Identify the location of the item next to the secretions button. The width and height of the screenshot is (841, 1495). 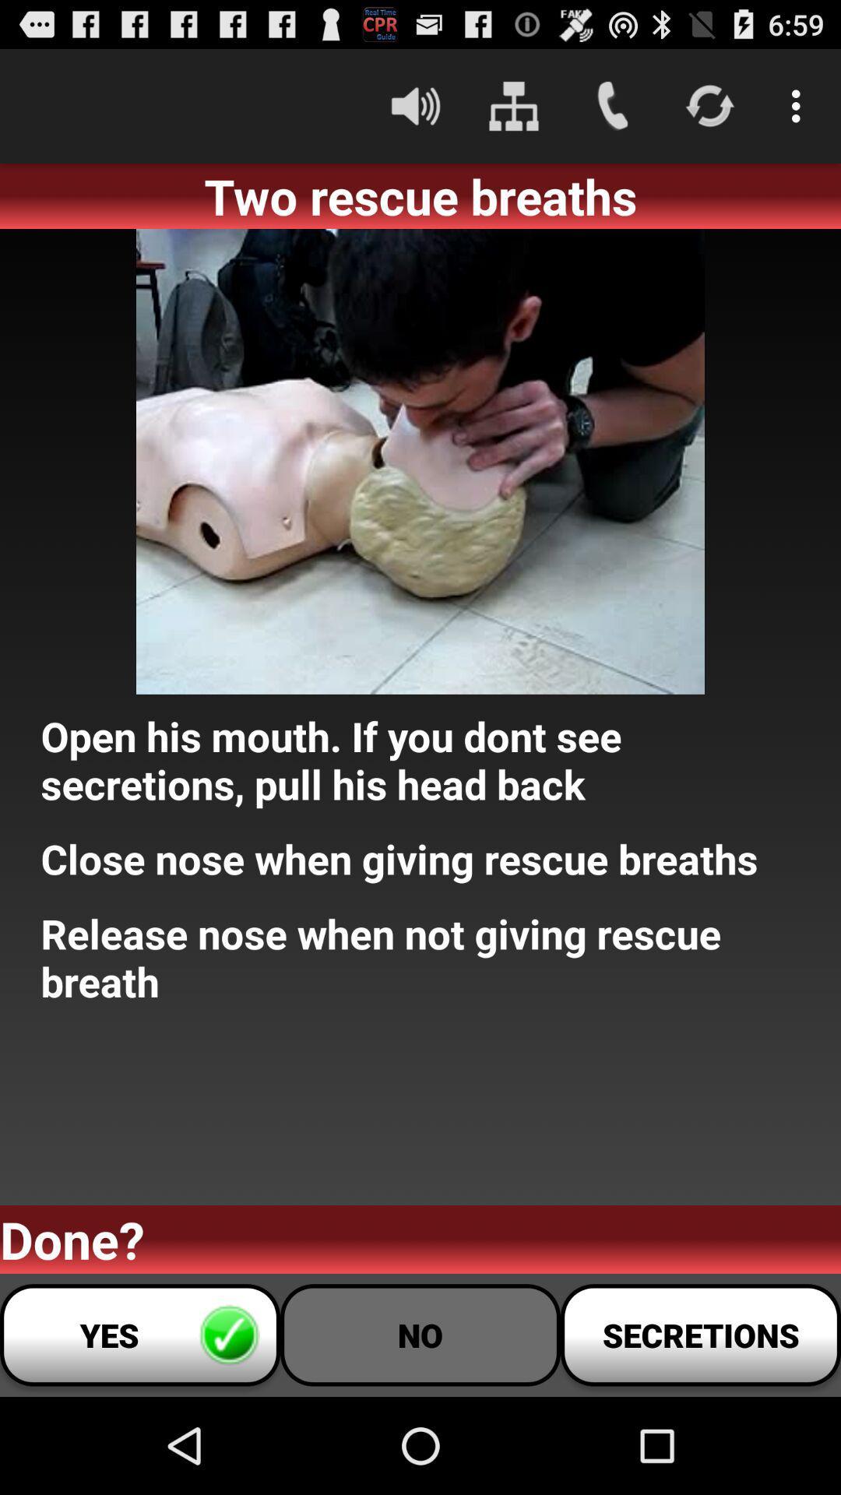
(420, 1334).